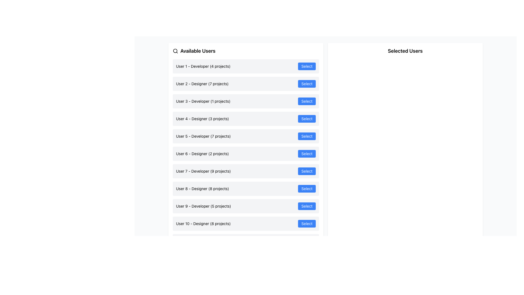  Describe the element at coordinates (202, 188) in the screenshot. I see `the text element that displays User 8's designation and project count in the 'Available Users' section, aligned to the left of the 'Select' button` at that location.